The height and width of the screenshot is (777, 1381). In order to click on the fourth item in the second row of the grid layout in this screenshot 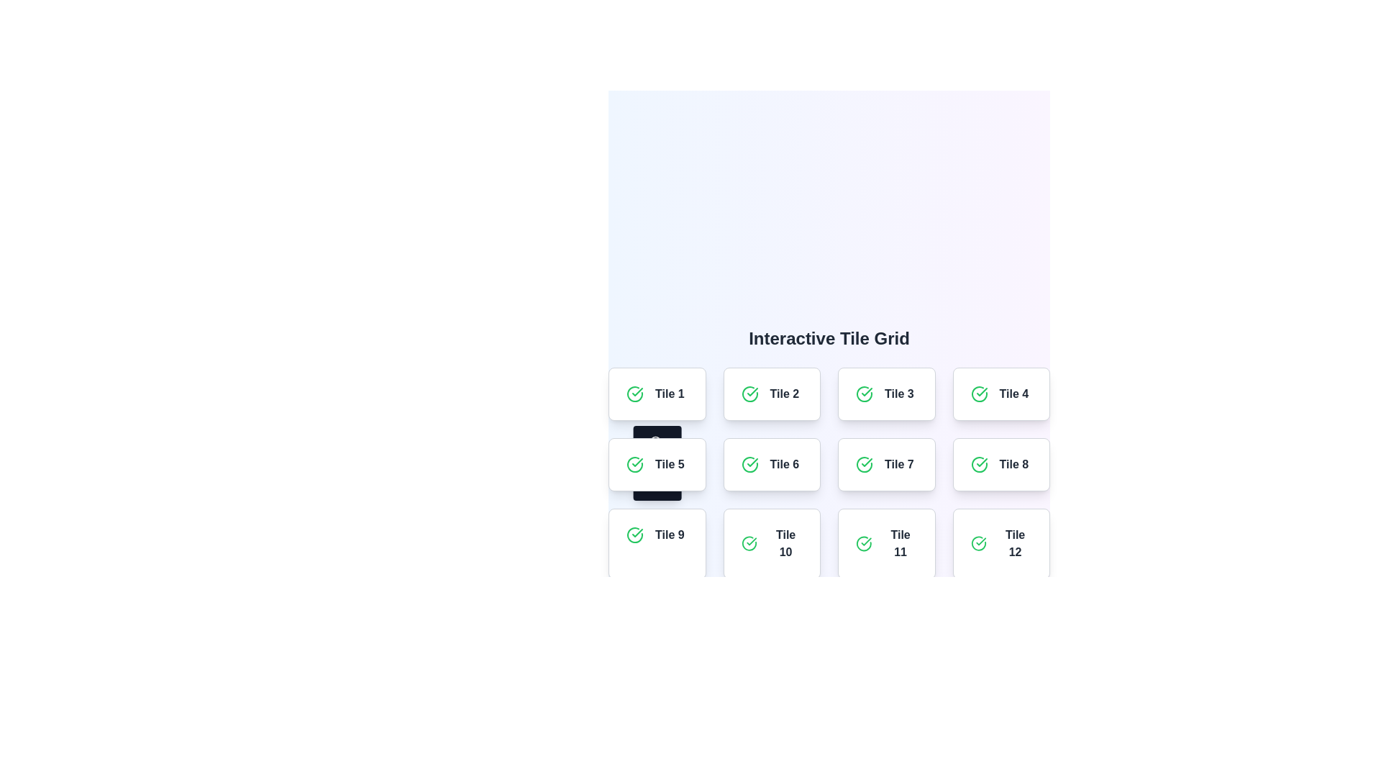, I will do `click(1001, 394)`.